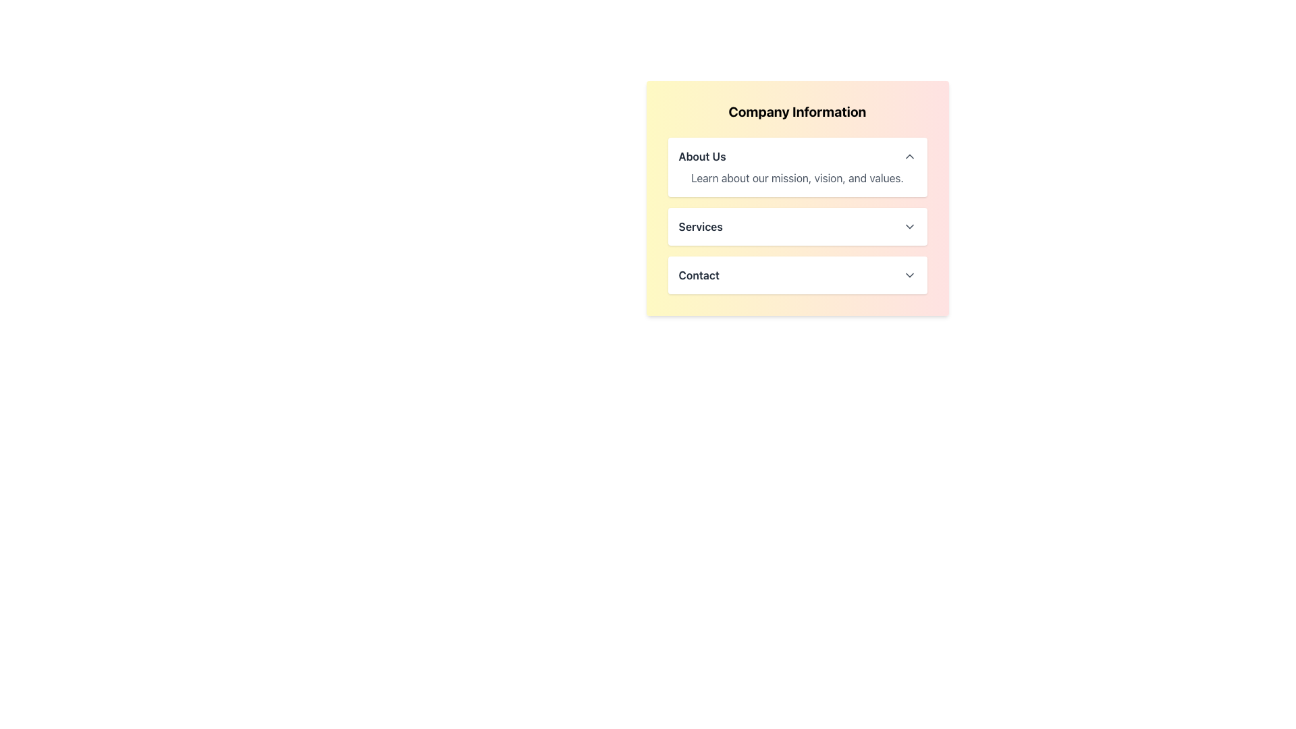 The height and width of the screenshot is (729, 1296). I want to click on the dropdown toggle icon located to the right of the 'Services' section, so click(909, 225).